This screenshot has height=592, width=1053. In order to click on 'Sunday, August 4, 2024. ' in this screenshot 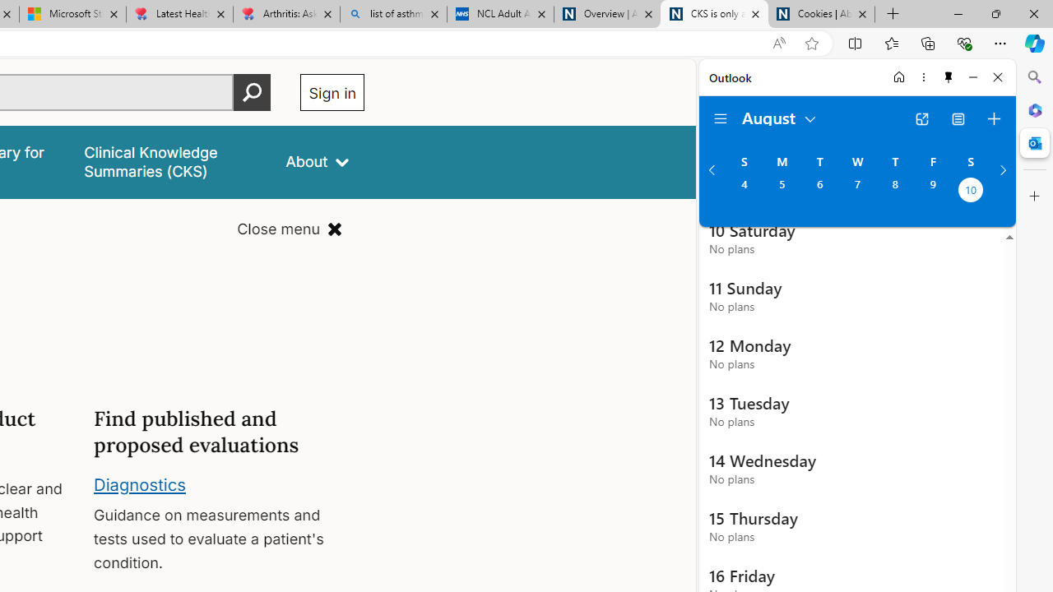, I will do `click(743, 191)`.